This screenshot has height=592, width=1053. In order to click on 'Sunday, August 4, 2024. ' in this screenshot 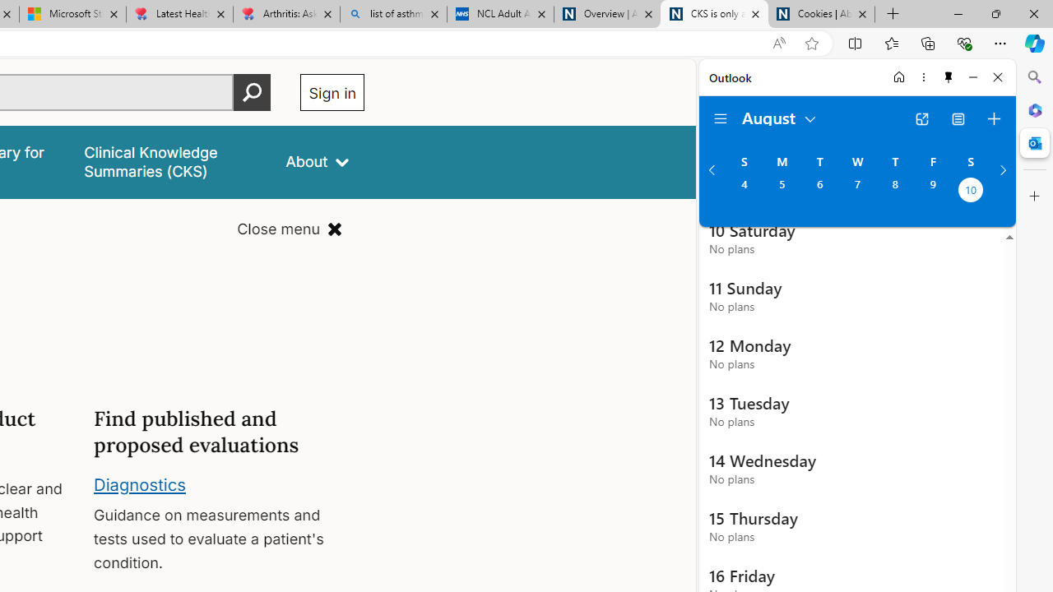, I will do `click(743, 191)`.